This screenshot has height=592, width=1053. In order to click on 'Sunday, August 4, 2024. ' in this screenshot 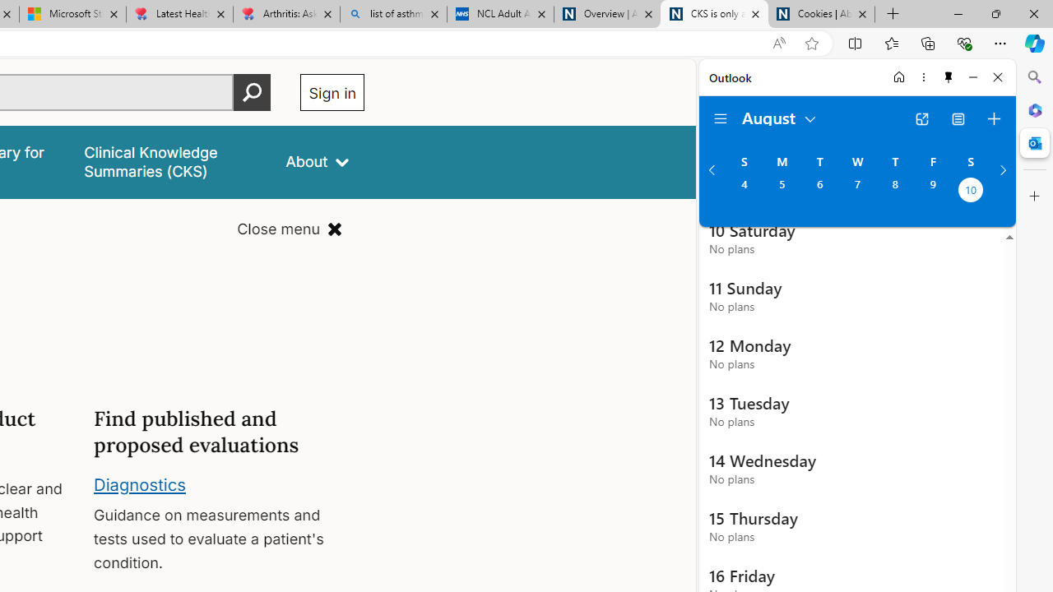, I will do `click(743, 191)`.